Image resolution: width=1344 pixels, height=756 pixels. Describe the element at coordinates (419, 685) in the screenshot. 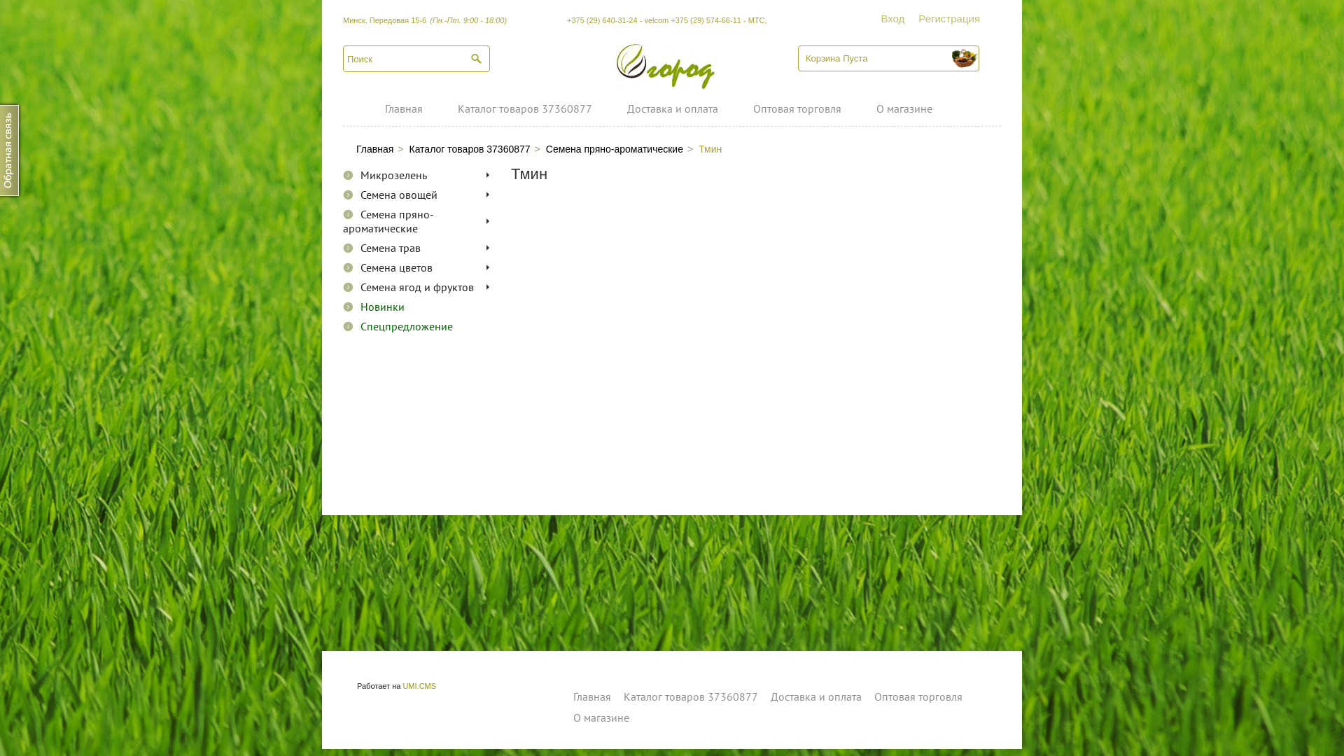

I see `'UMI.CMS'` at that location.